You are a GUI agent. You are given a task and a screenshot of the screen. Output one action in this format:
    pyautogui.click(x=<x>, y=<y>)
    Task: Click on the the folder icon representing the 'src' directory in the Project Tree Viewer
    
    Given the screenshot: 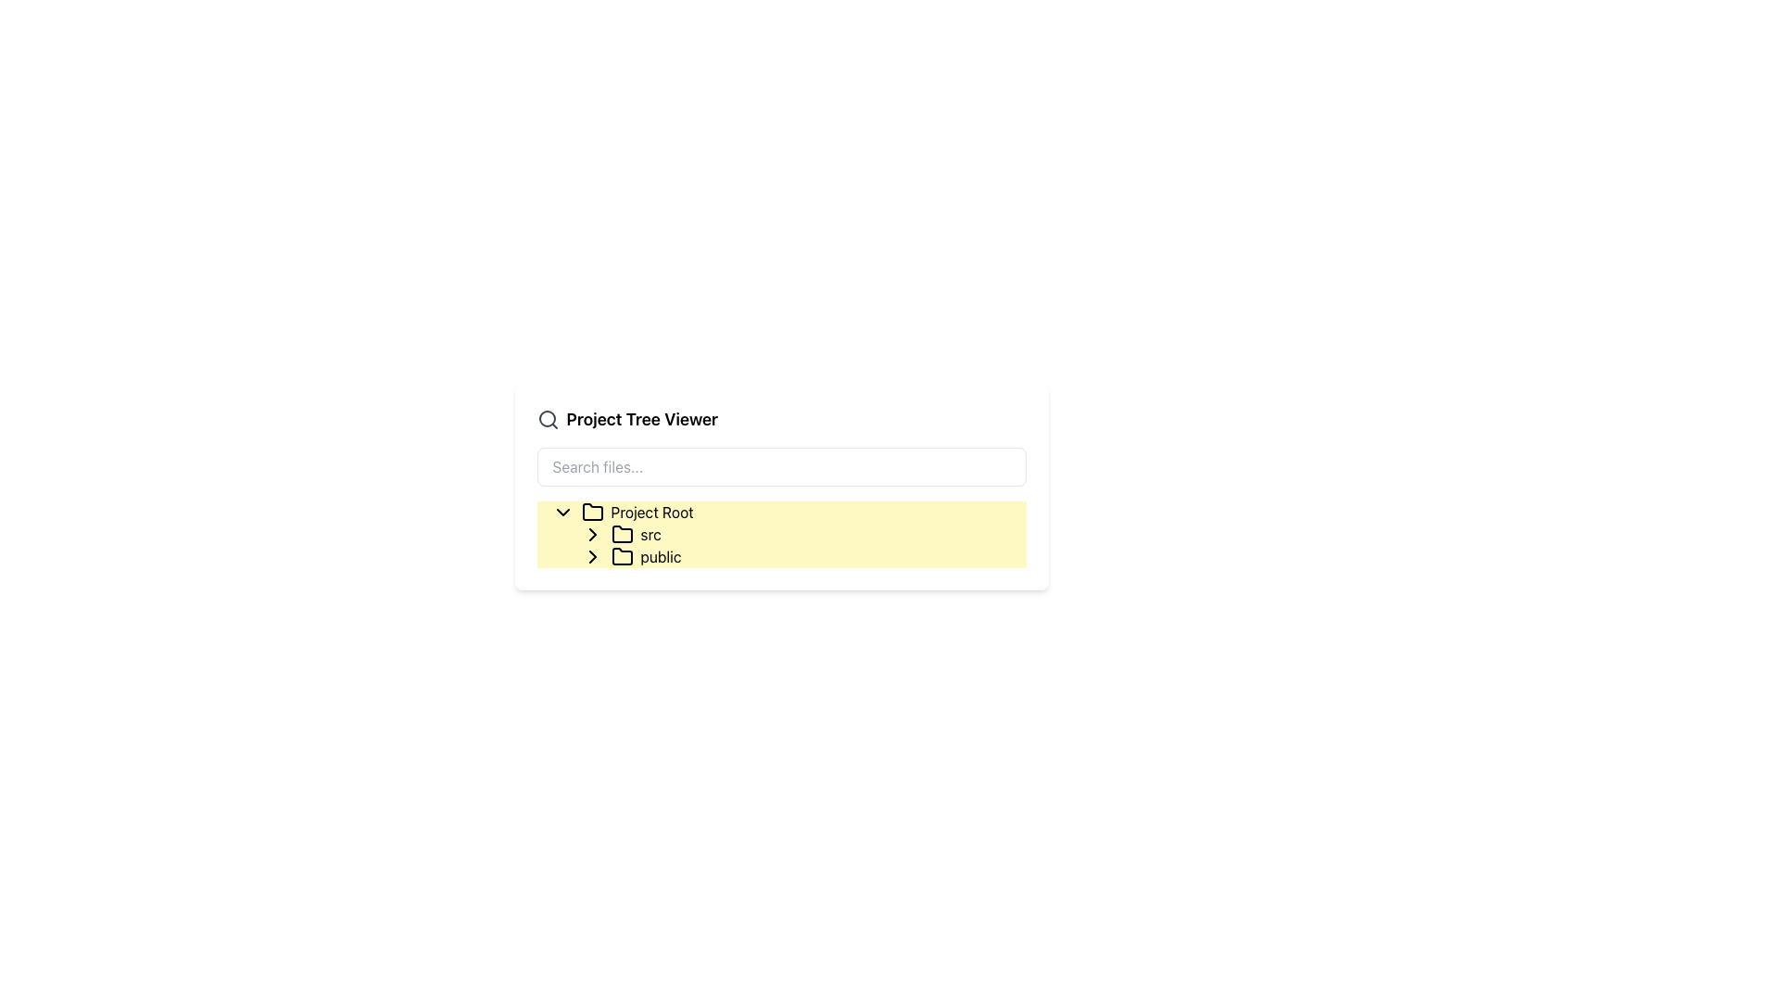 What is the action you would take?
    pyautogui.click(x=622, y=534)
    